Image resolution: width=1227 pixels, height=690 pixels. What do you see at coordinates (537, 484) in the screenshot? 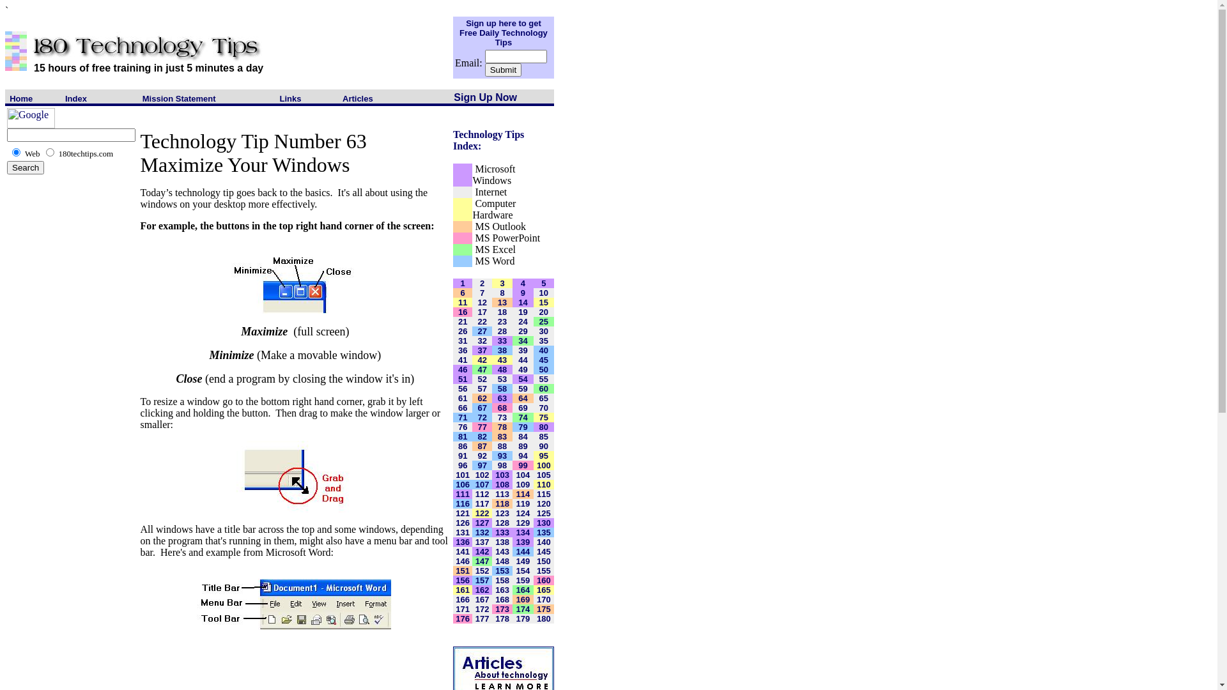
I see `'110'` at bounding box center [537, 484].